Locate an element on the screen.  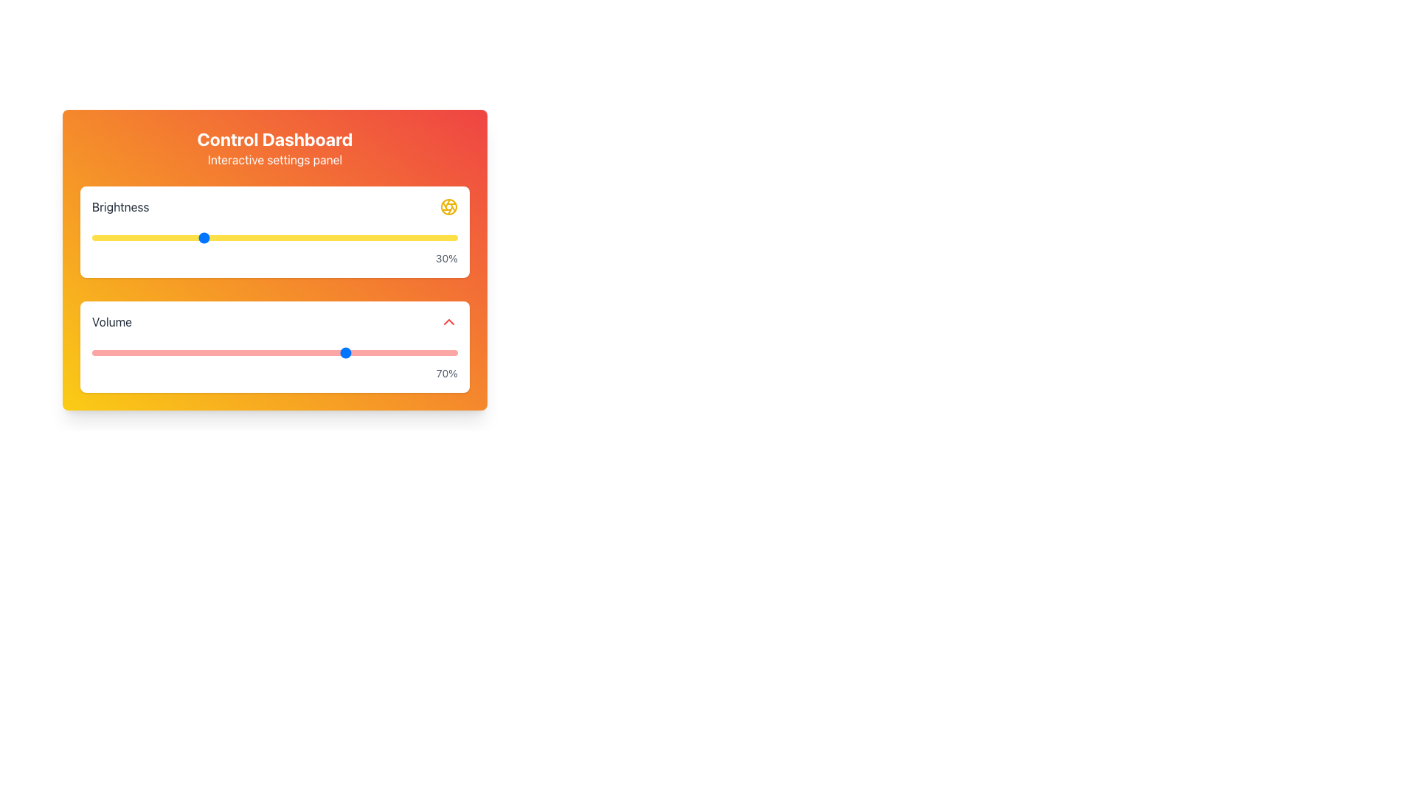
the static text element that denotes the title of the dashboard, located at the top-center of the interface is located at coordinates (275, 139).